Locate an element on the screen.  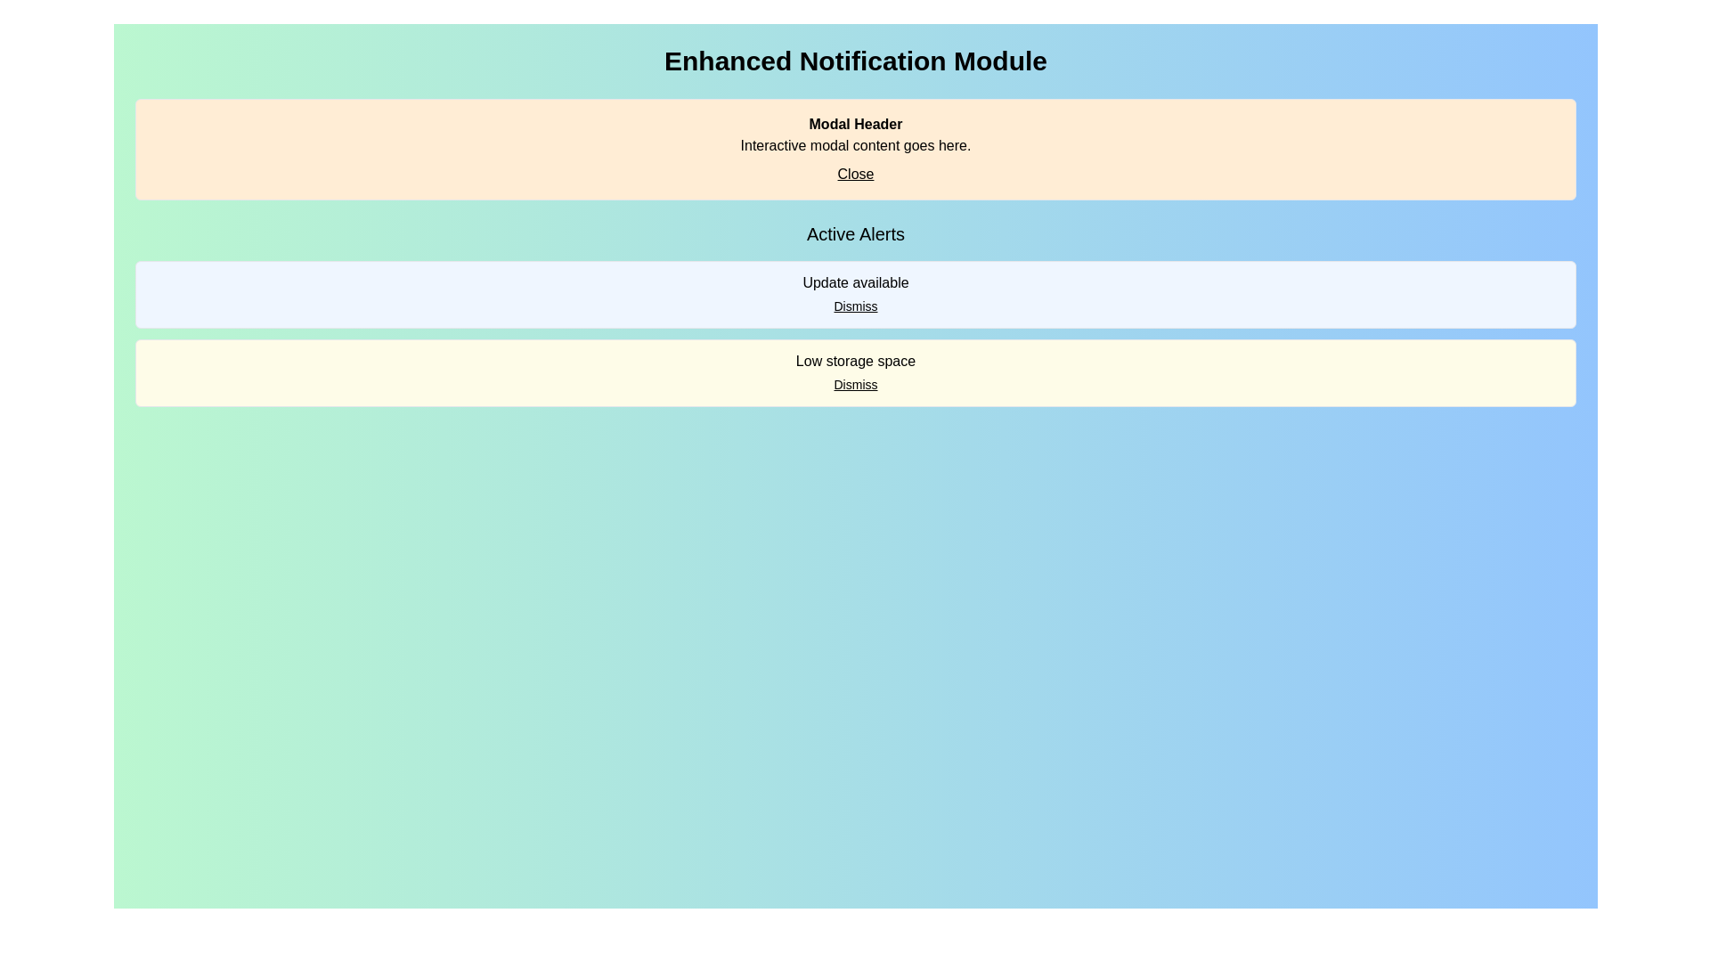
the 'Dismiss' button, which is styled with underlined text and located in the 'Active Alerts' section under the notification stating 'Update available' is located at coordinates (855, 305).